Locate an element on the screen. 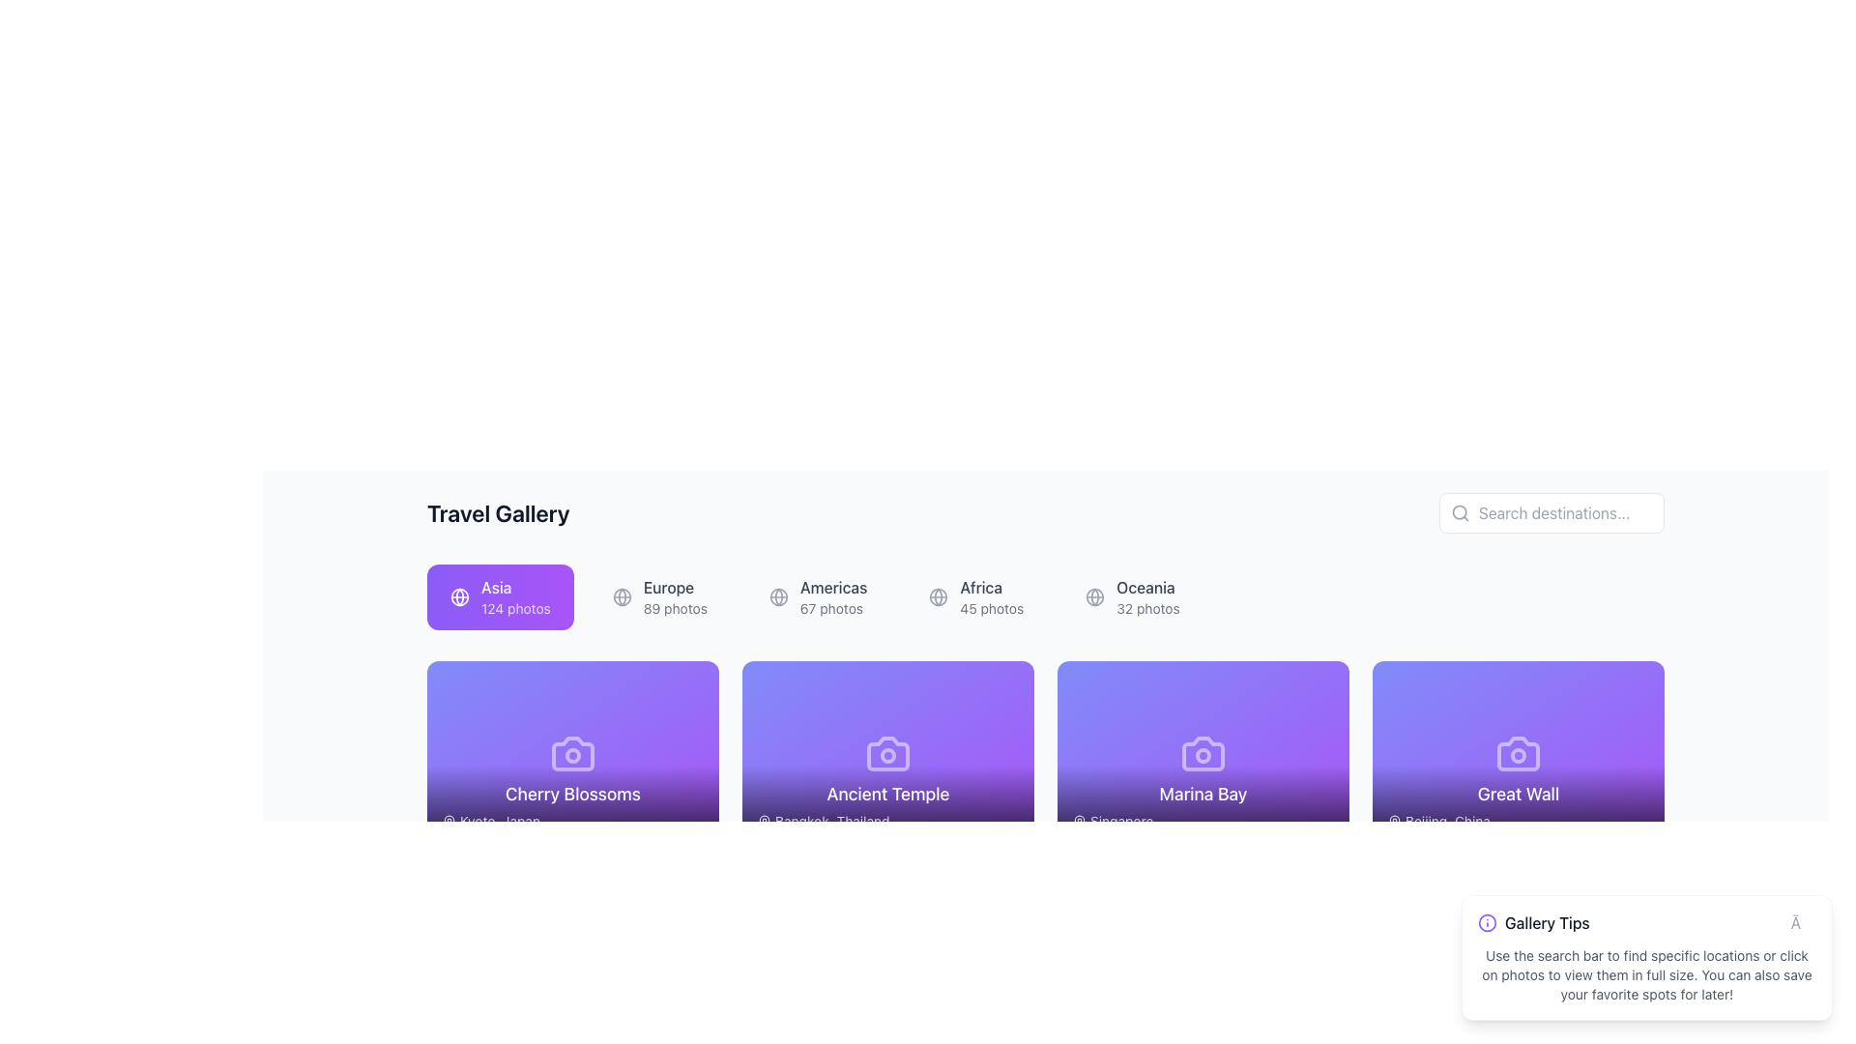 Image resolution: width=1856 pixels, height=1044 pixels. the text label displaying 'Singapore' located at the bottom-left of the 'Marina Bay' card, which is part of a horizontal list of destination cards is located at coordinates (1121, 821).